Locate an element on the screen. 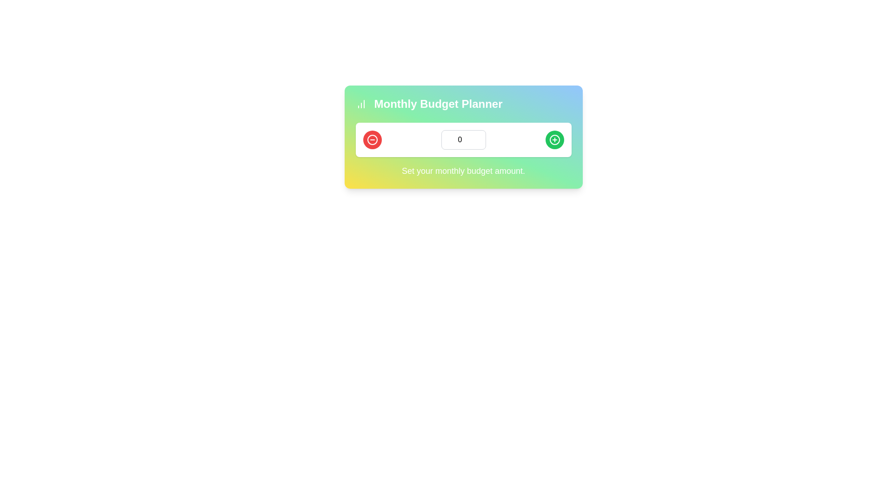  the increment button located at the far-right of the horizontal control bar in the 'Monthly Budget Planner' section to increase the value displayed in the numeric input field is located at coordinates (554, 139).